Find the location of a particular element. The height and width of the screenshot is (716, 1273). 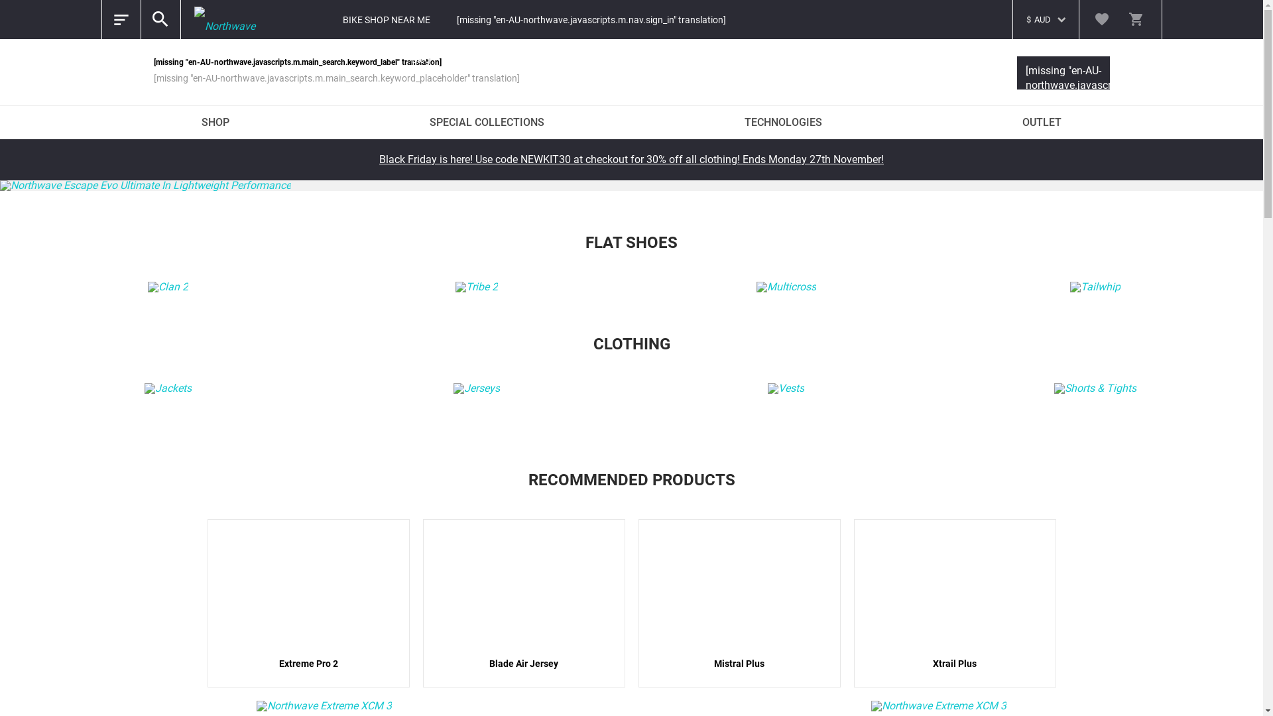

'Mistral Plus' is located at coordinates (738, 603).